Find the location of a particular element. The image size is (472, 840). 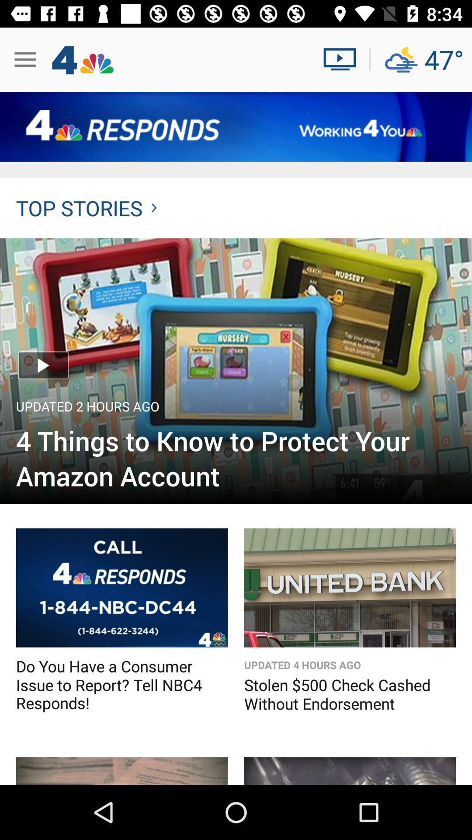

left corner beside 3 horizontal lines is located at coordinates (83, 59).